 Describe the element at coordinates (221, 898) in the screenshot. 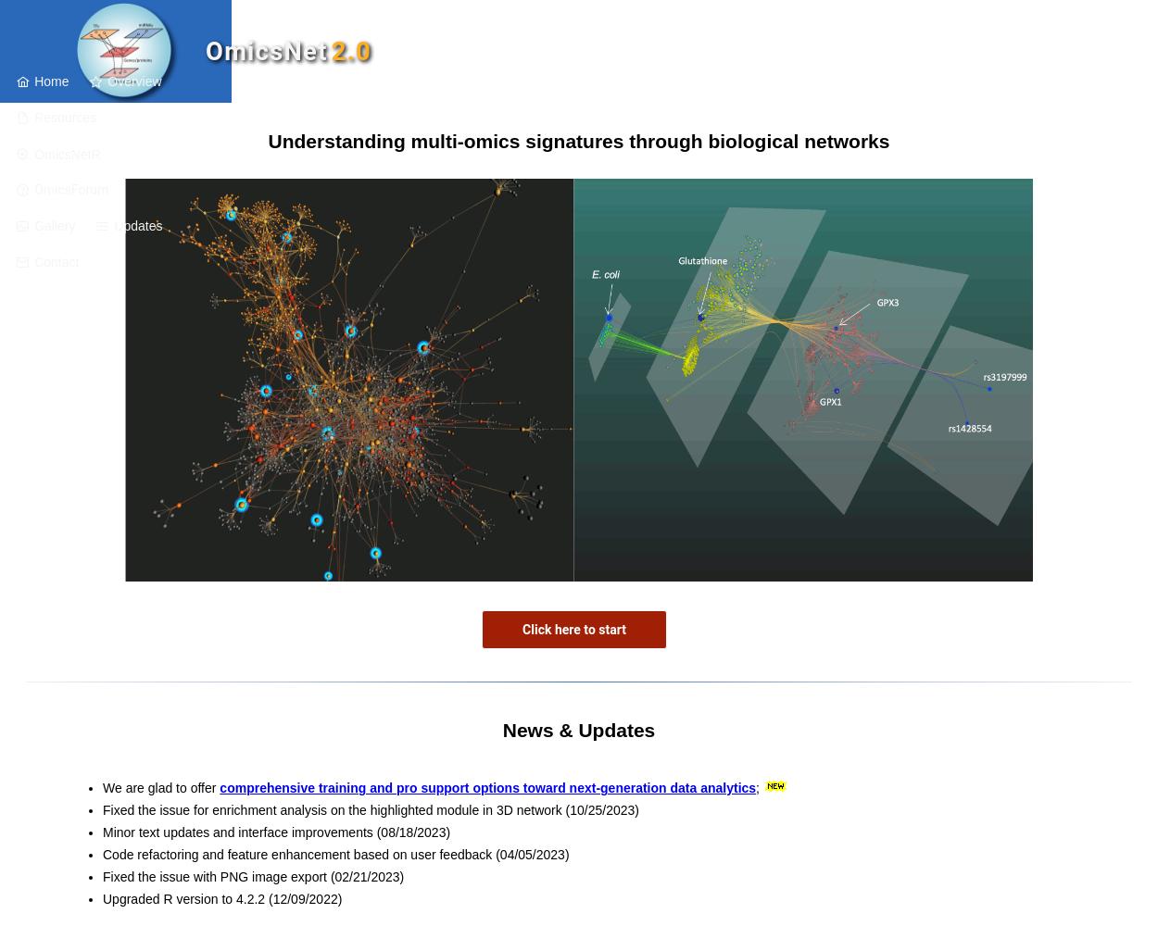

I see `'Upgraded R version to 4.2.2 (12/09/2022)'` at that location.